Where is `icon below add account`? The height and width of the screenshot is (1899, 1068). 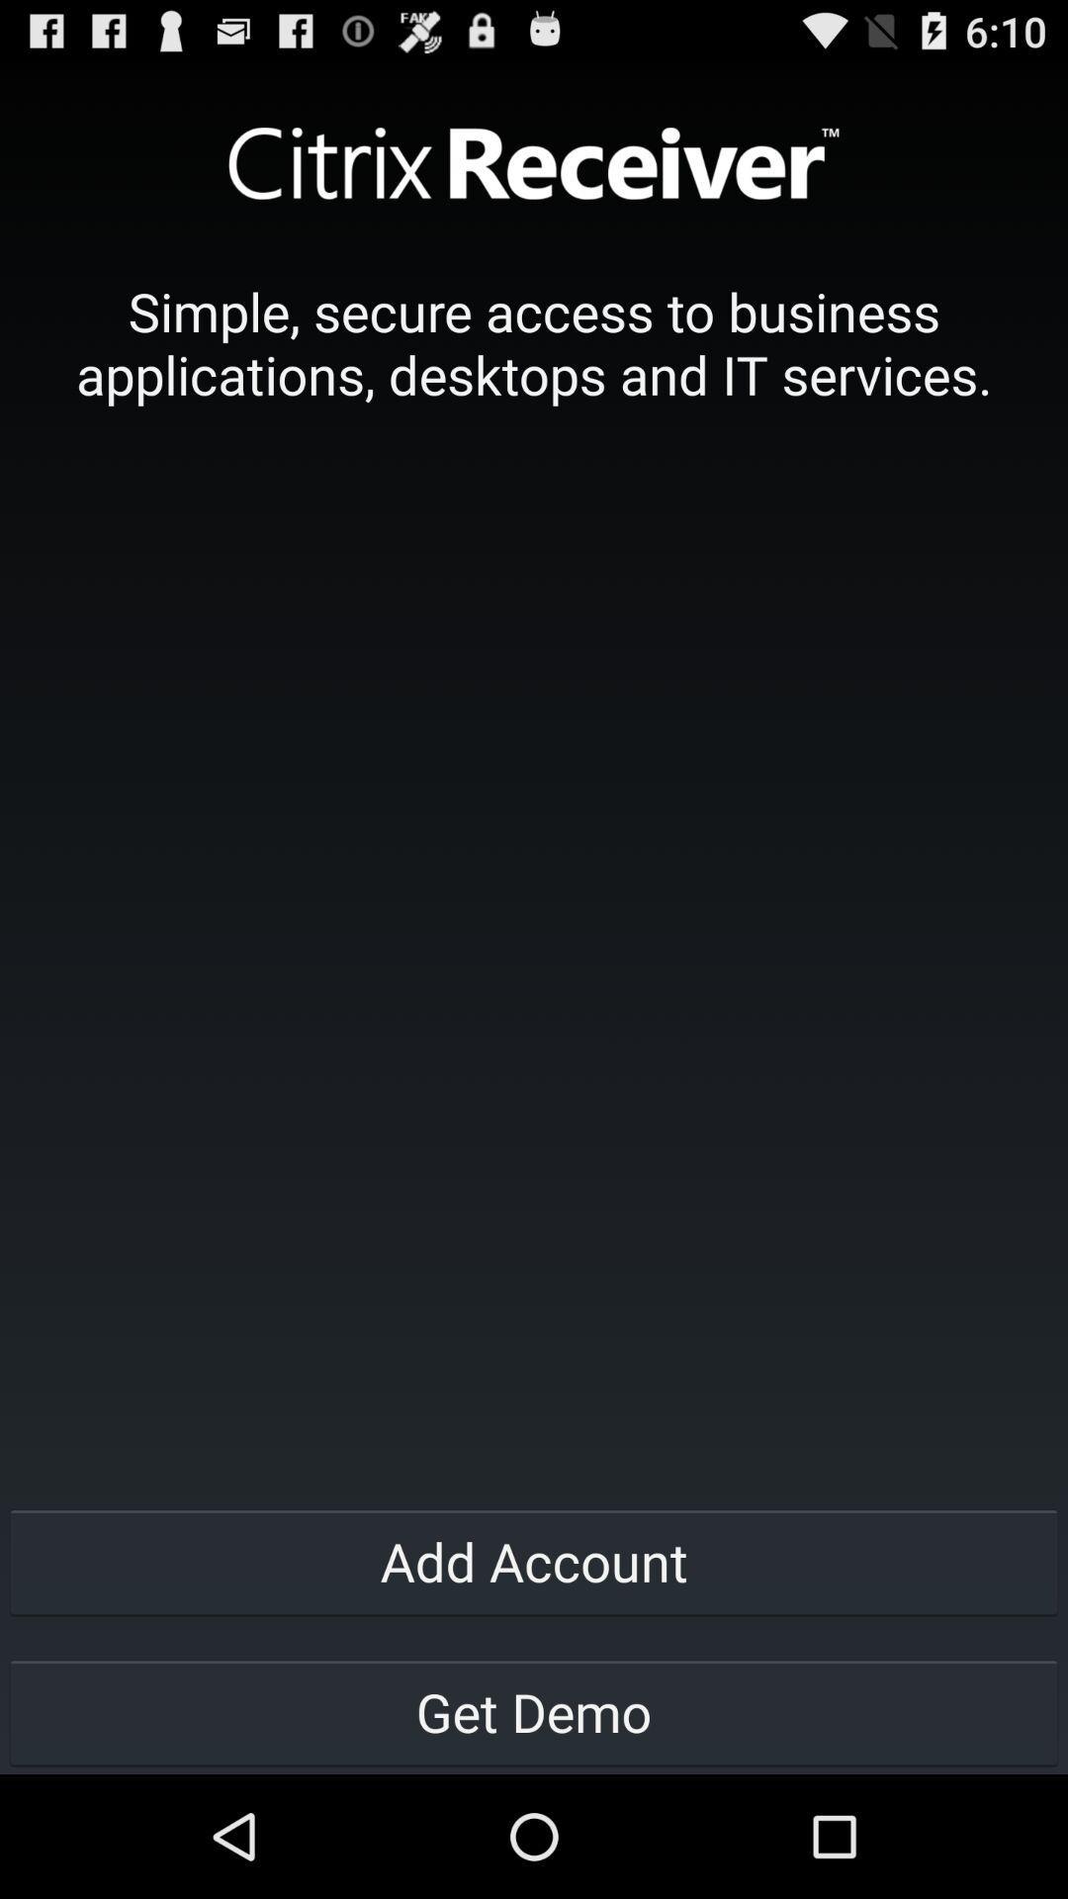 icon below add account is located at coordinates (534, 1711).